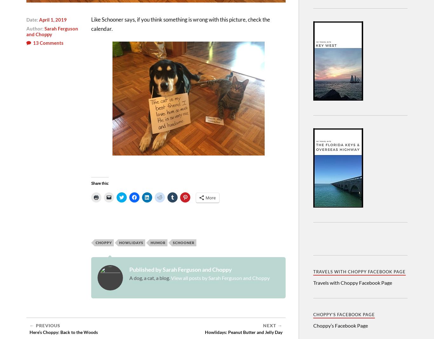  Describe the element at coordinates (104, 243) in the screenshot. I see `'choppy'` at that location.